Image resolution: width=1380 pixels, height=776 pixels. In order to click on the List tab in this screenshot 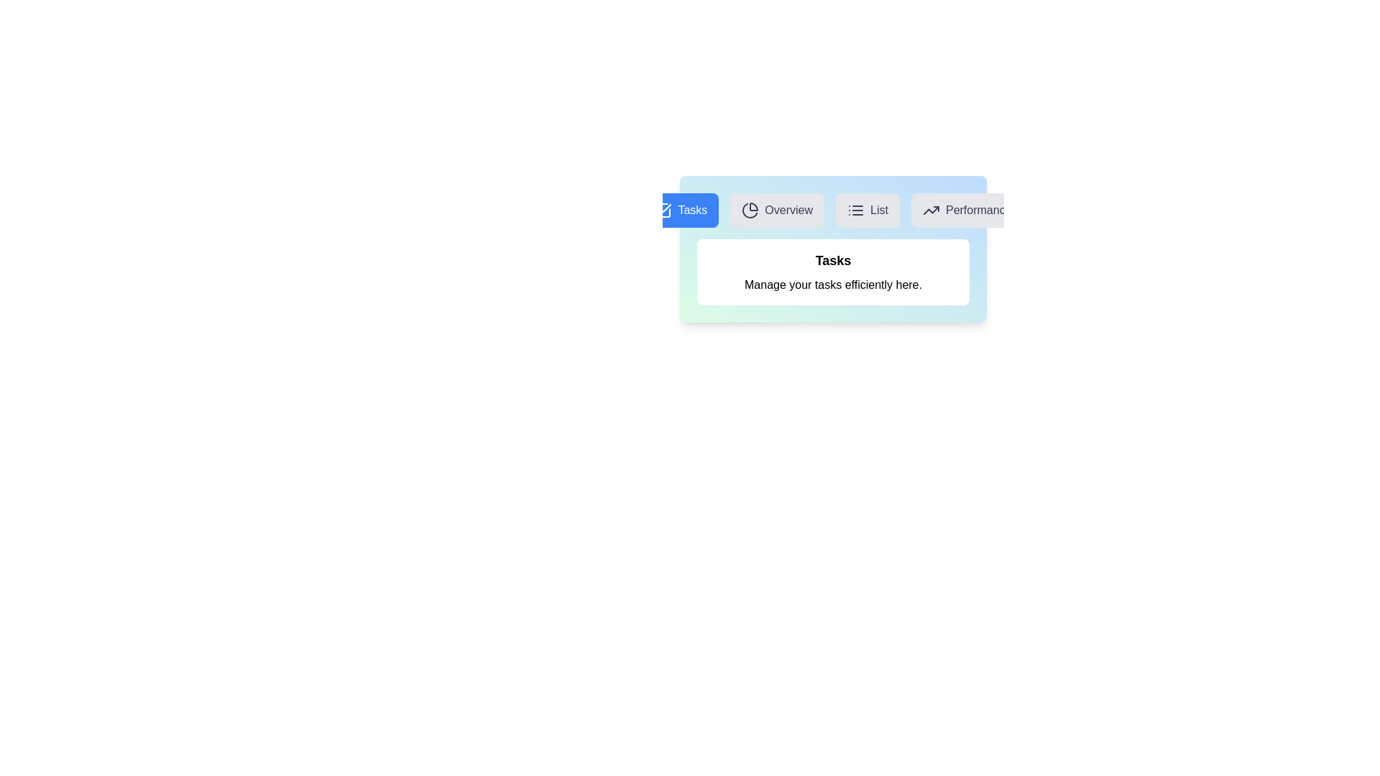, I will do `click(866, 211)`.